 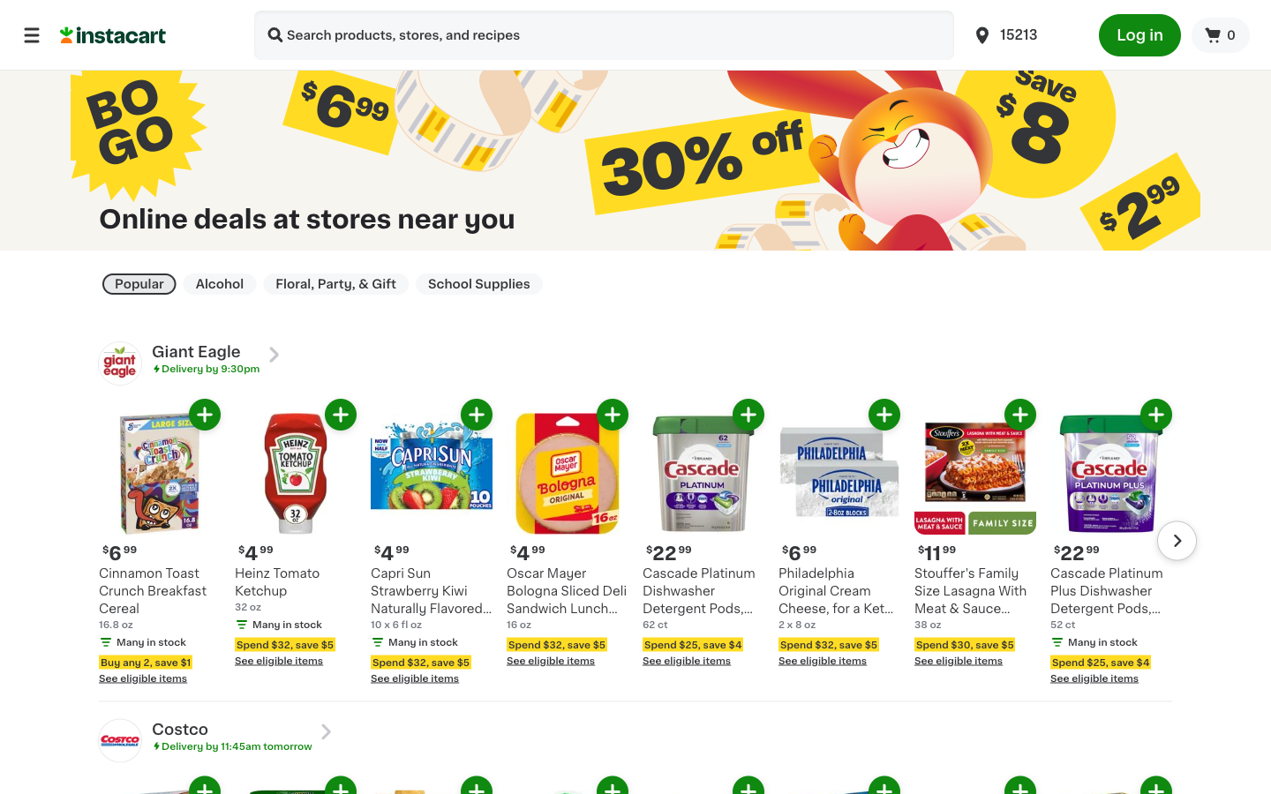 I want to click on Instacart"s default page, so click(x=146, y=34).